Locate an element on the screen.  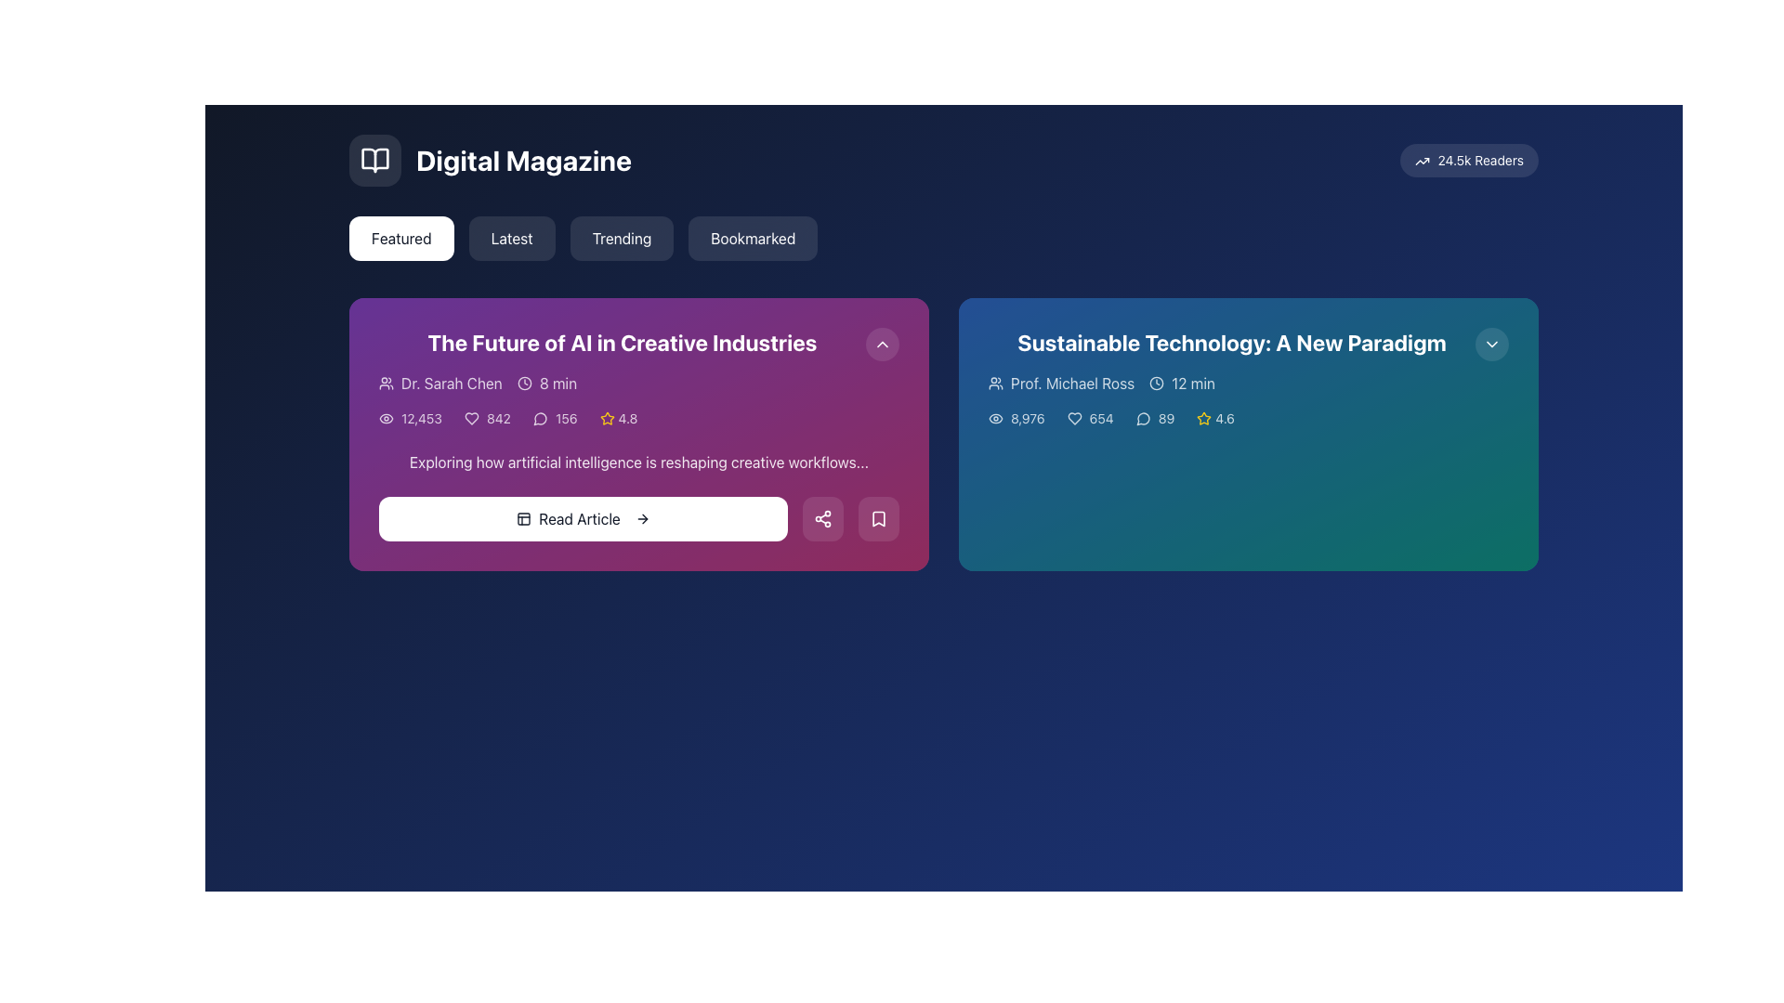
the likes or favorites icon located on the right card titled 'Sustainable Technology: A New Paradigm', which is the second icon in the sequence of engagement stats icons is located at coordinates (1074, 419).